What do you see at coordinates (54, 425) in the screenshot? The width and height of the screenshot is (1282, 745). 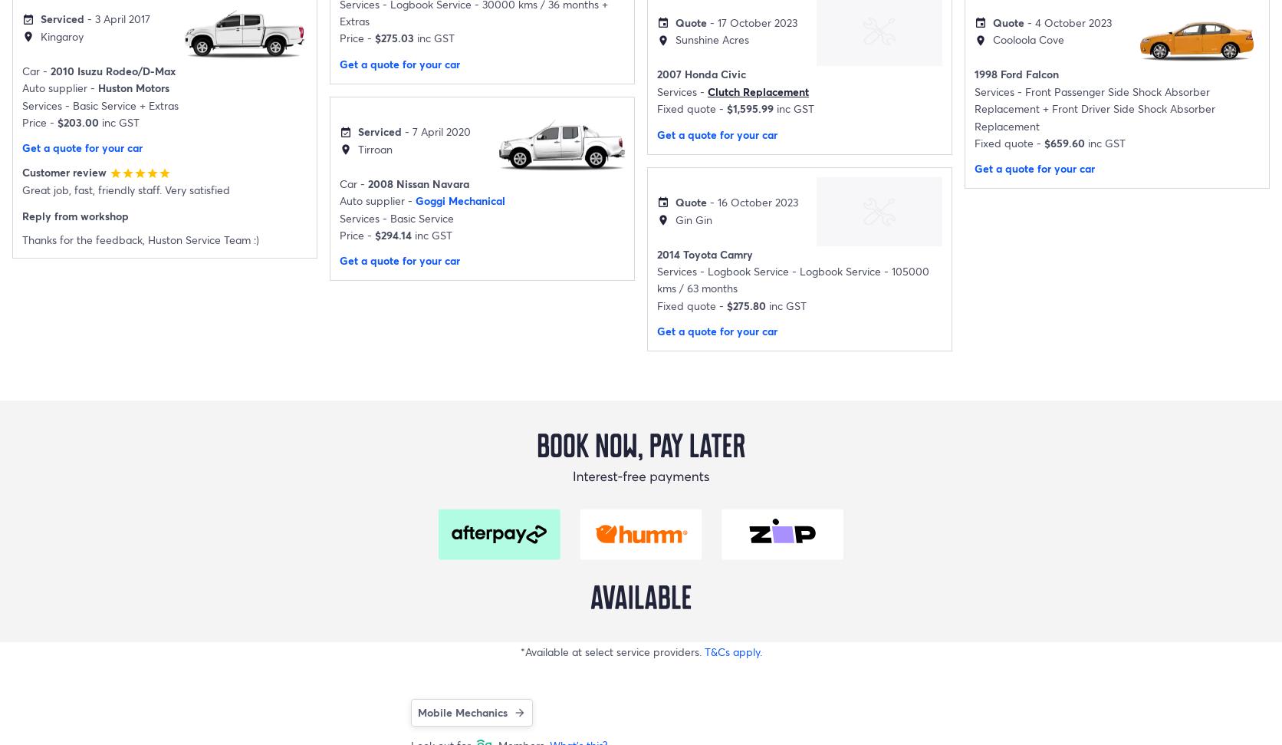 I see `'Buy Now Pay Later'` at bounding box center [54, 425].